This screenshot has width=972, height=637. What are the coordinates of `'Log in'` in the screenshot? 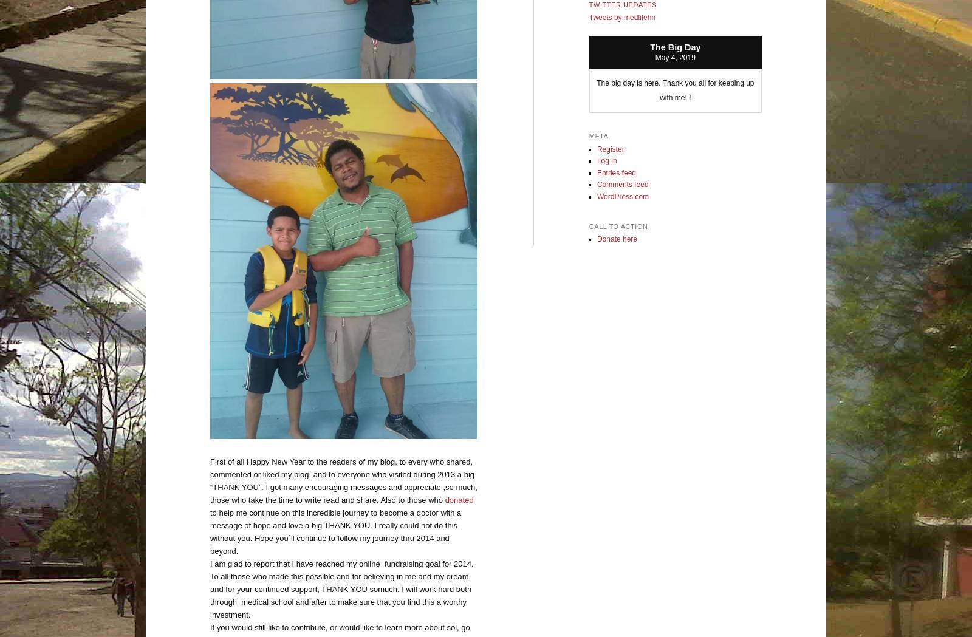 It's located at (606, 160).